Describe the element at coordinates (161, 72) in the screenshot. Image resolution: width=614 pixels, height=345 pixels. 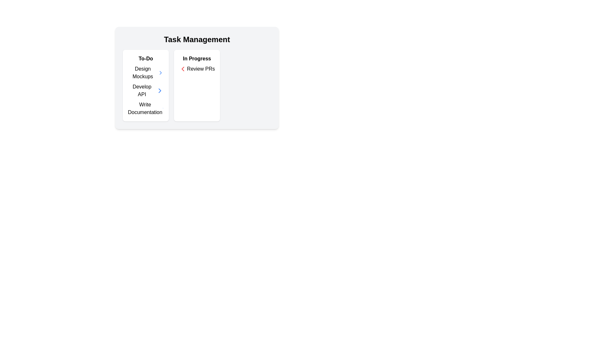
I see `the rightward-facing chevron icon button located to the right of the 'Develop API' text in the 'To-Do' section of the 'Task Management' interface` at that location.